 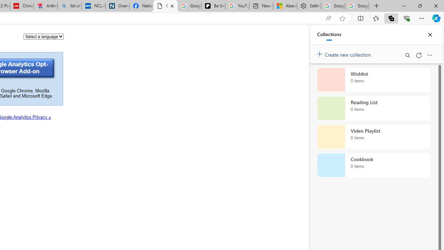 What do you see at coordinates (213, 6) in the screenshot?
I see `'Be Smart | creating Science videos | Patreon'` at bounding box center [213, 6].